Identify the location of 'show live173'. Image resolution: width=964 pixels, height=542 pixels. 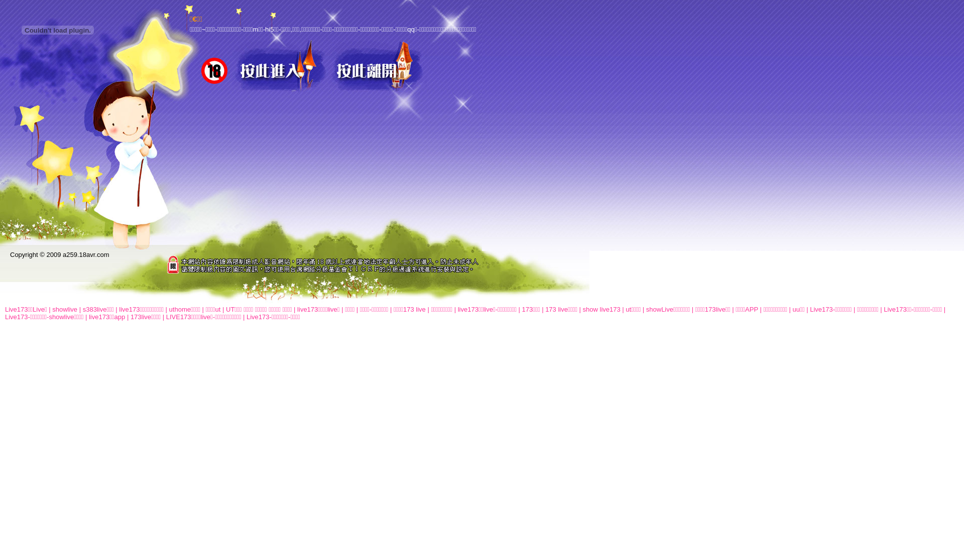
(601, 309).